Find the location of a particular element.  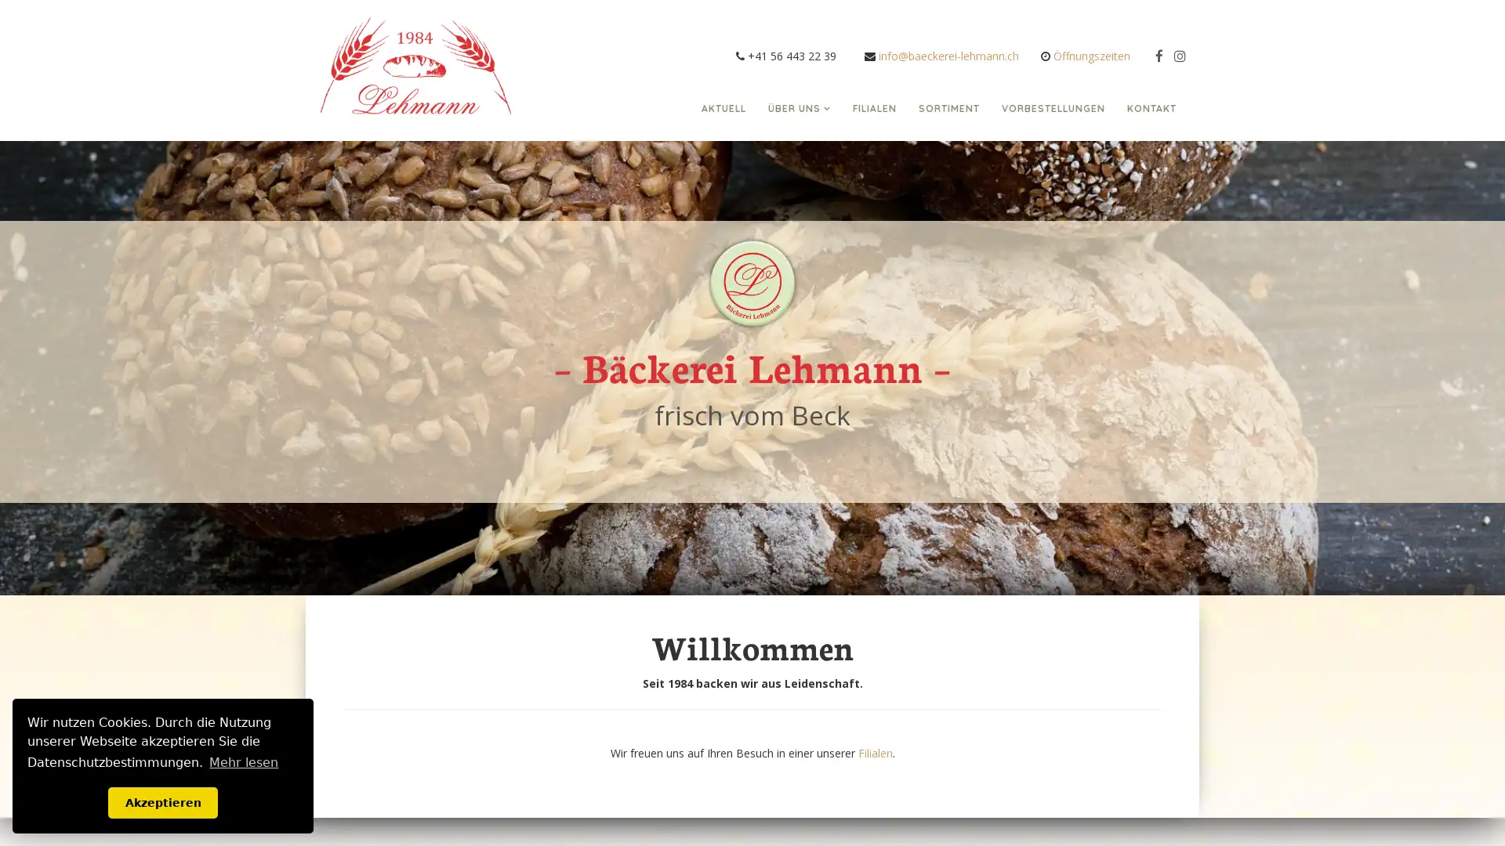

learn more about cookies is located at coordinates (243, 761).